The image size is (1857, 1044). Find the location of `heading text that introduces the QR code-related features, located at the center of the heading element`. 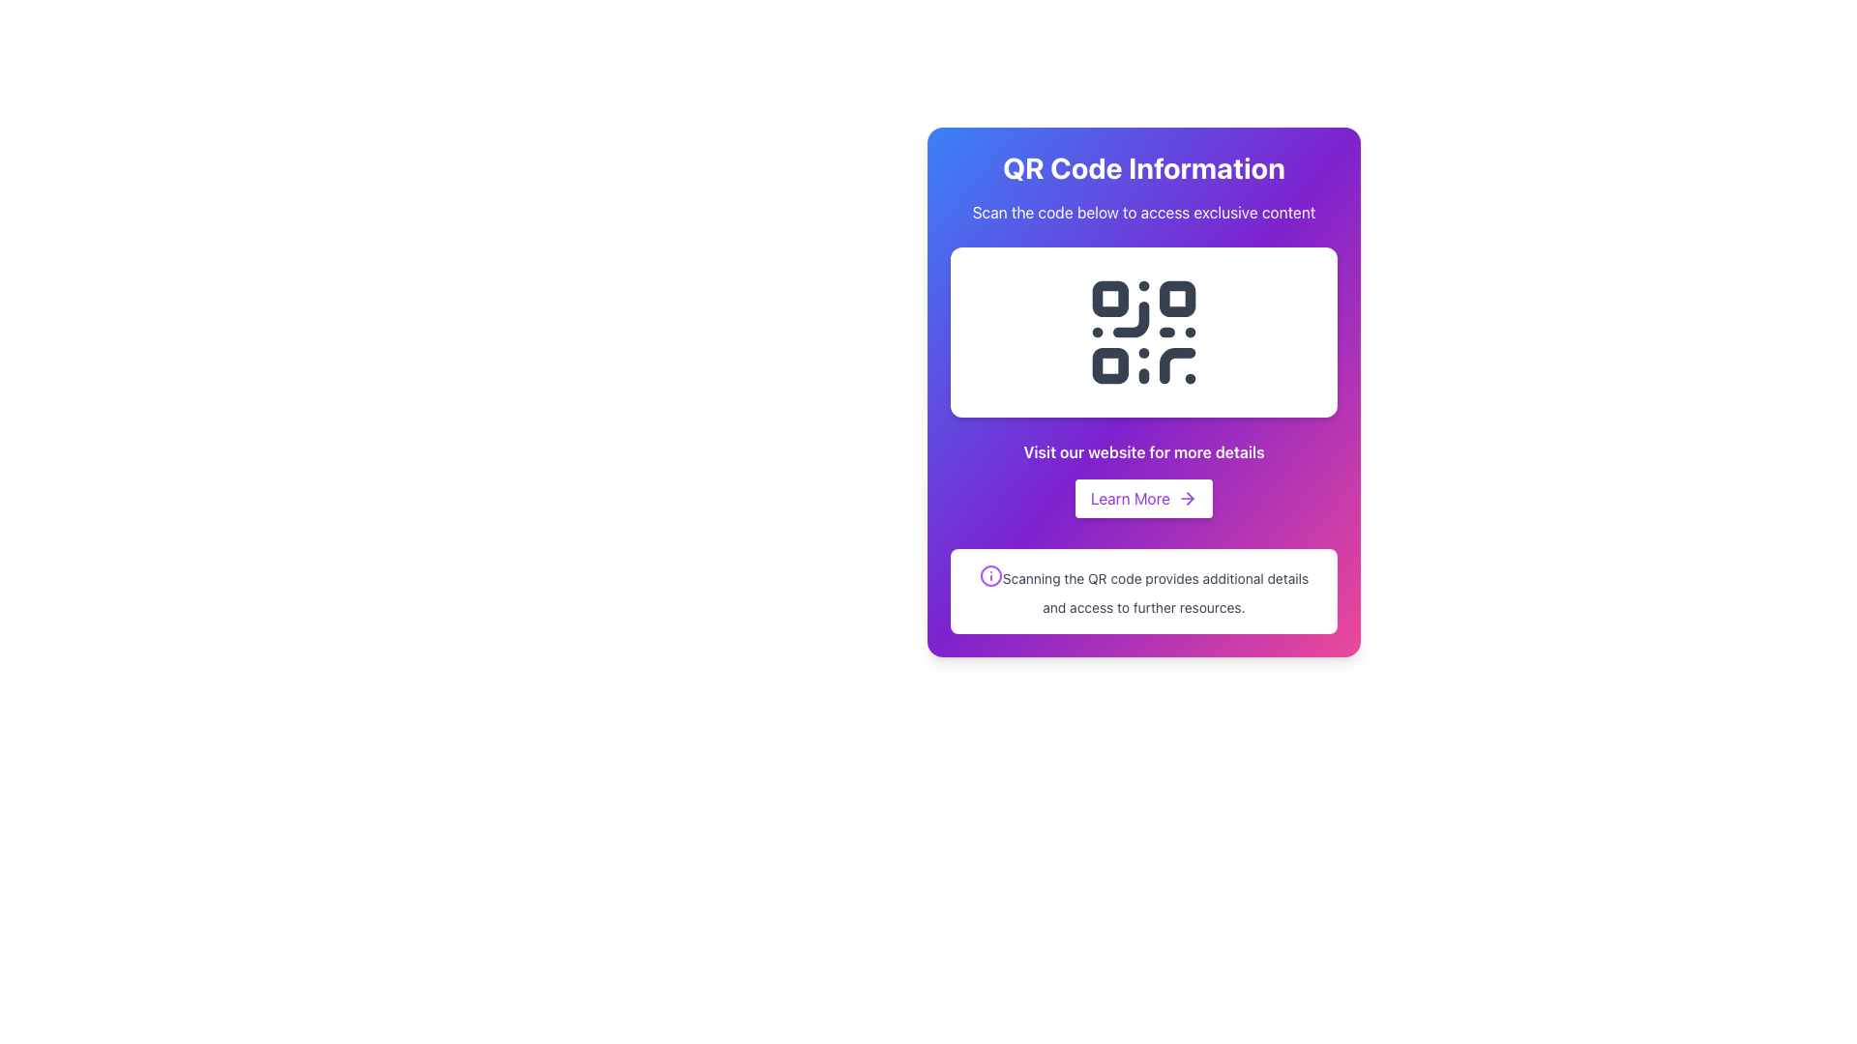

heading text that introduces the QR code-related features, located at the center of the heading element is located at coordinates (1143, 166).